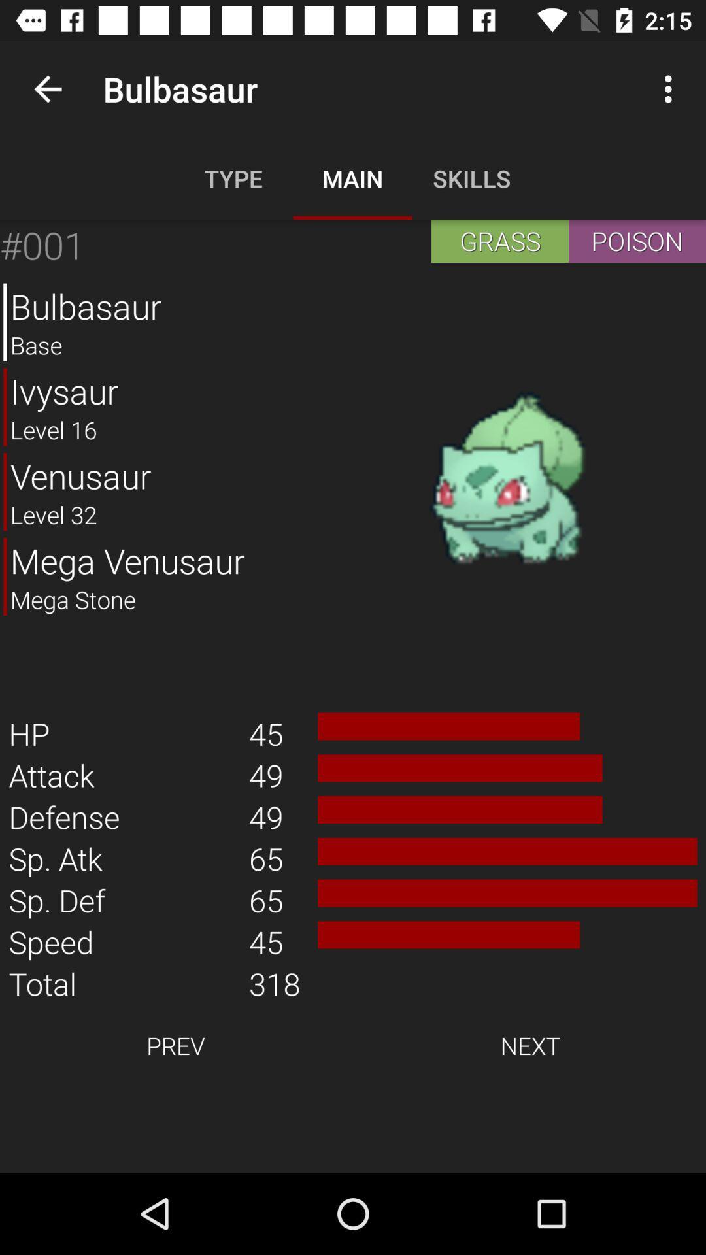  Describe the element at coordinates (507, 478) in the screenshot. I see `icon above the 45 item` at that location.